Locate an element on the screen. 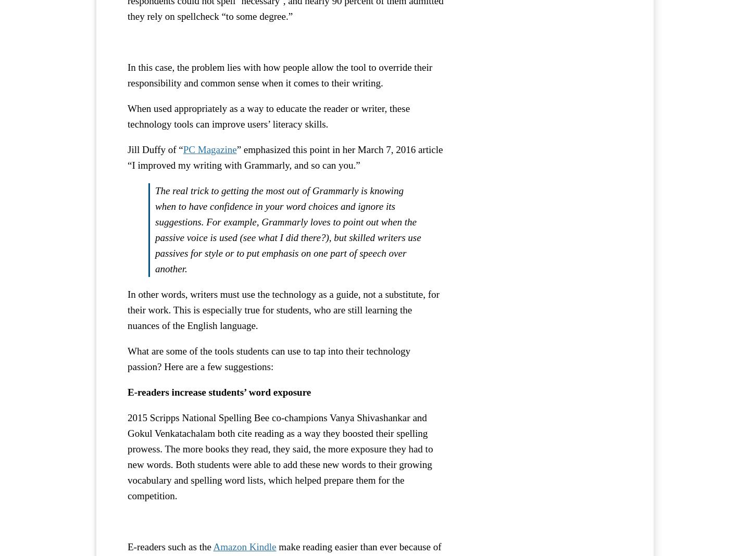 The image size is (750, 556). 'E-readers such as the' is located at coordinates (170, 546).